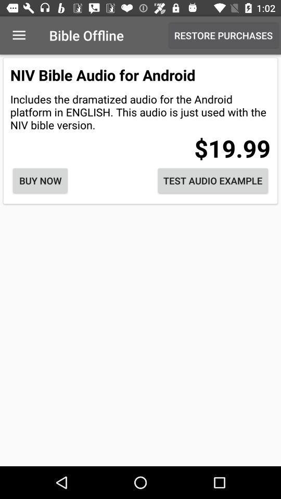  I want to click on item to the left of bible offline icon, so click(19, 35).